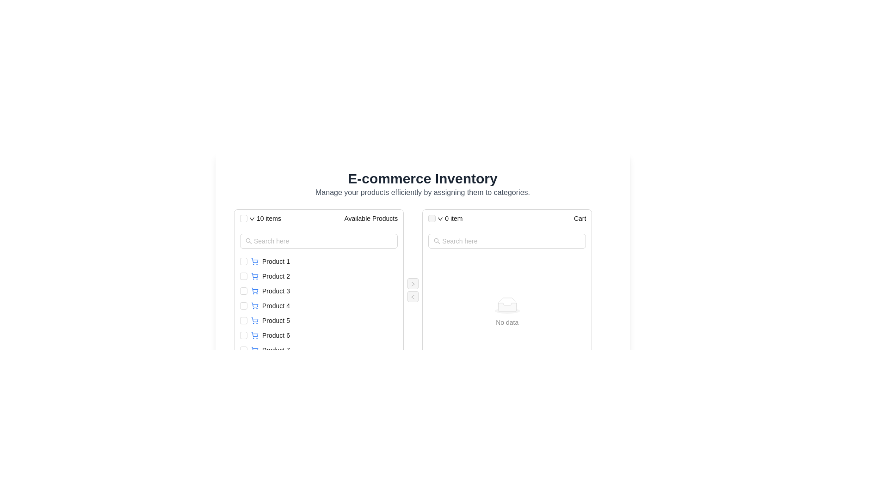  What do you see at coordinates (319, 335) in the screenshot?
I see `the checkbox of the list item labeled 'Product 6'` at bounding box center [319, 335].